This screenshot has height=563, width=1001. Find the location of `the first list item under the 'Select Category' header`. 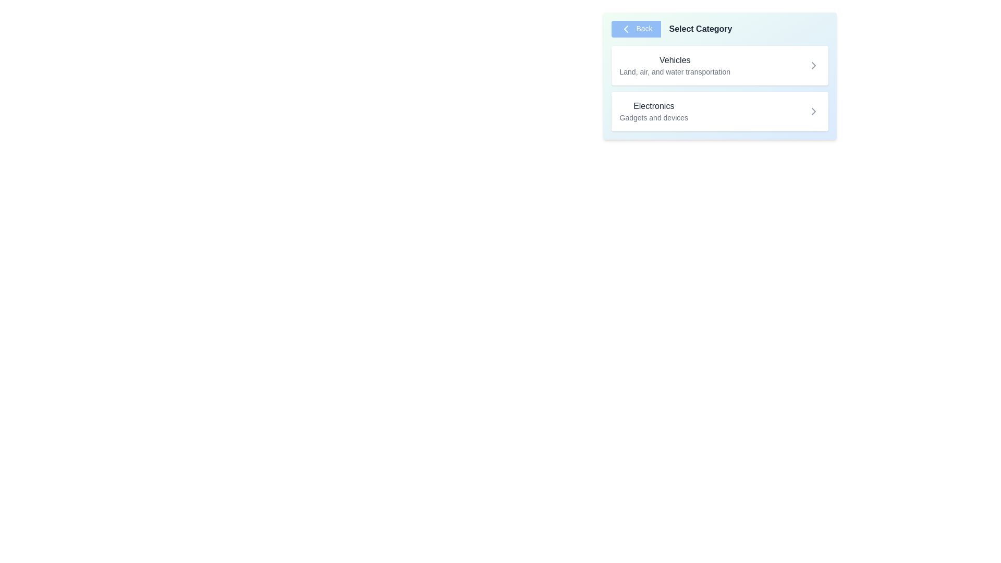

the first list item under the 'Select Category' header is located at coordinates (719, 76).